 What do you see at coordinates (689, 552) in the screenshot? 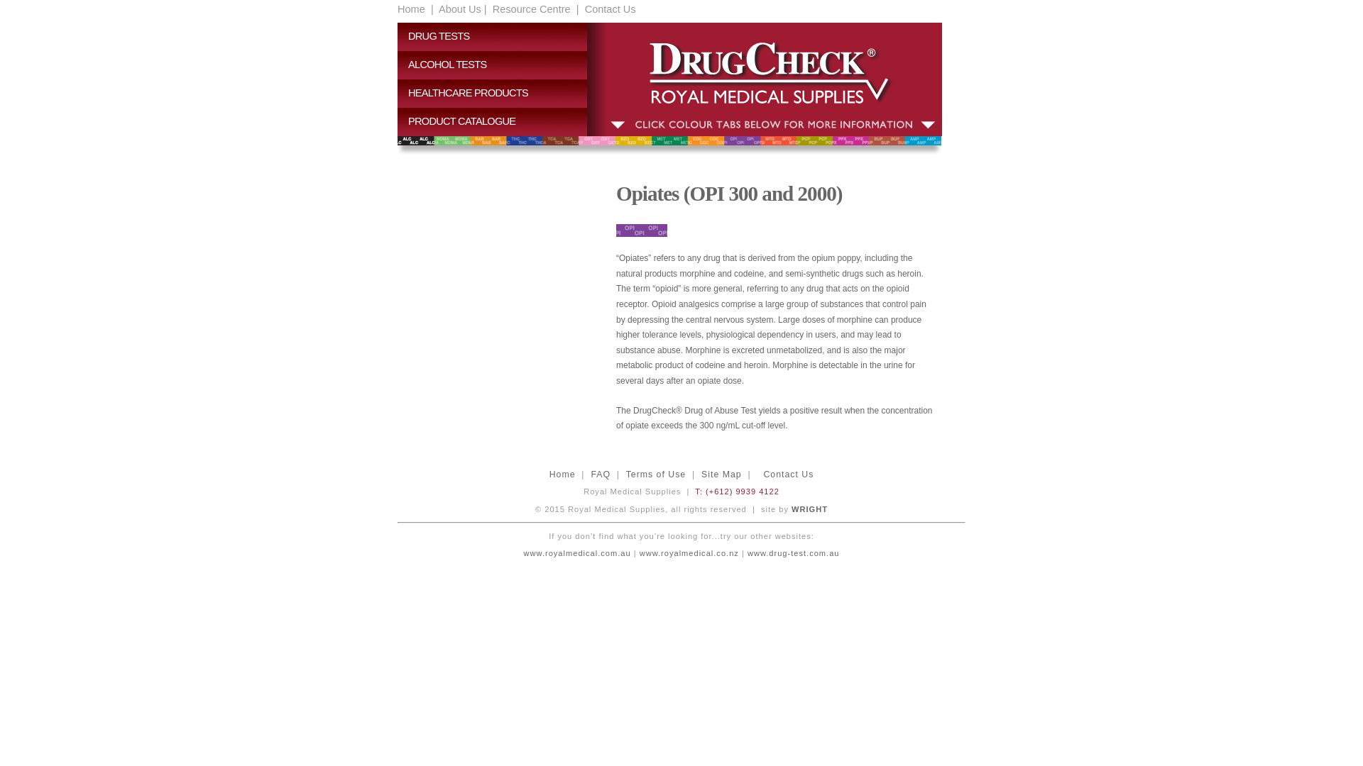
I see `'www.royalmedical.co.nz'` at bounding box center [689, 552].